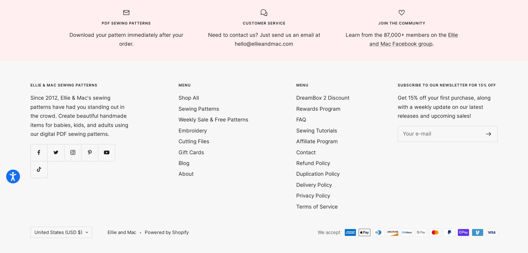 The image size is (528, 253). What do you see at coordinates (69, 165) in the screenshot?
I see `'Cocos (Keeling) Islands (USD $)'` at bounding box center [69, 165].